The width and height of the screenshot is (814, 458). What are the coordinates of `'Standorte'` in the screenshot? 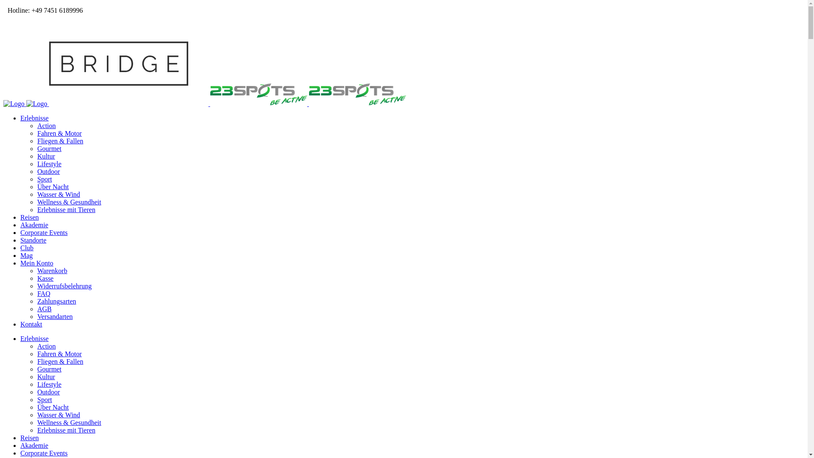 It's located at (33, 240).